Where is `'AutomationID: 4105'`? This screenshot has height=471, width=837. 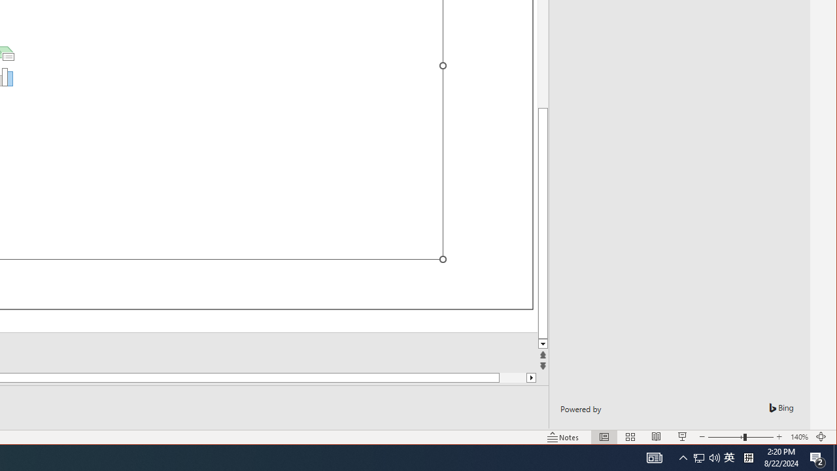
'AutomationID: 4105' is located at coordinates (683, 457).